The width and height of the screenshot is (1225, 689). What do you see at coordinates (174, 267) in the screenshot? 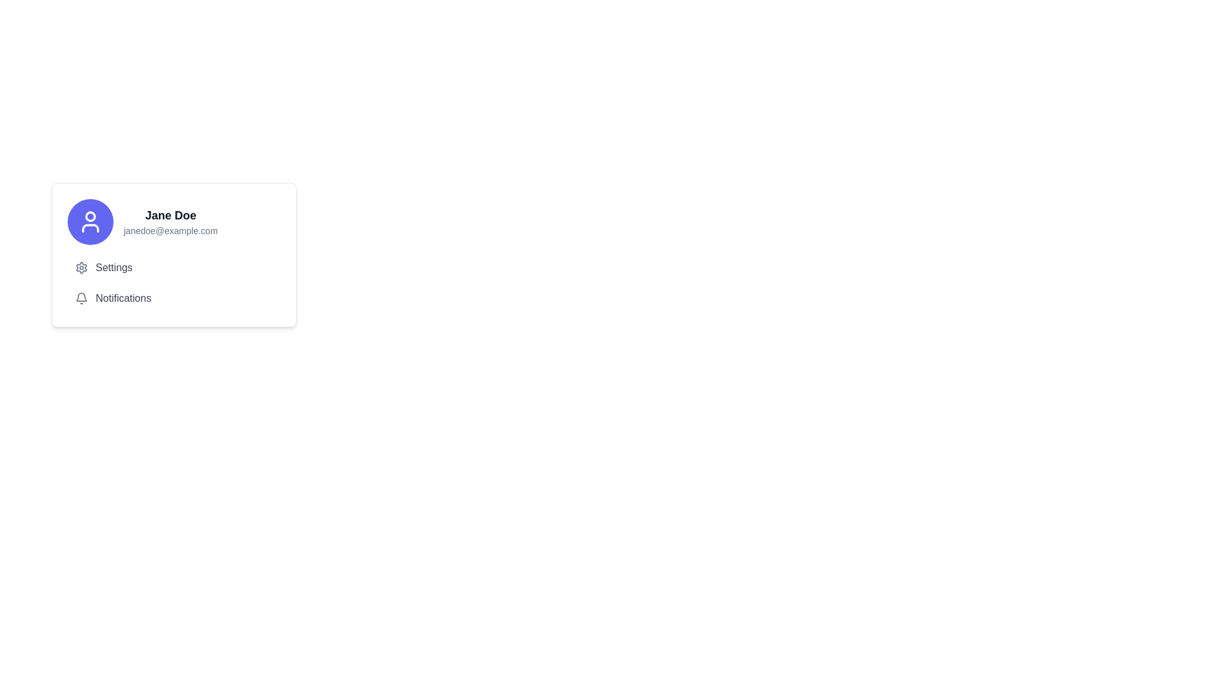
I see `the settings navigation button located below the user information section` at bounding box center [174, 267].